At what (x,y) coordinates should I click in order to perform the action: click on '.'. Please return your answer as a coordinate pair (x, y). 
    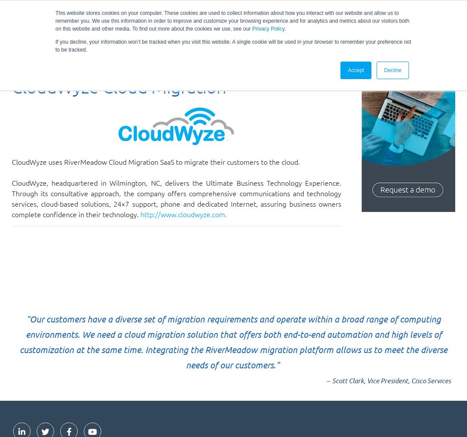
    Looking at the image, I should click on (285, 28).